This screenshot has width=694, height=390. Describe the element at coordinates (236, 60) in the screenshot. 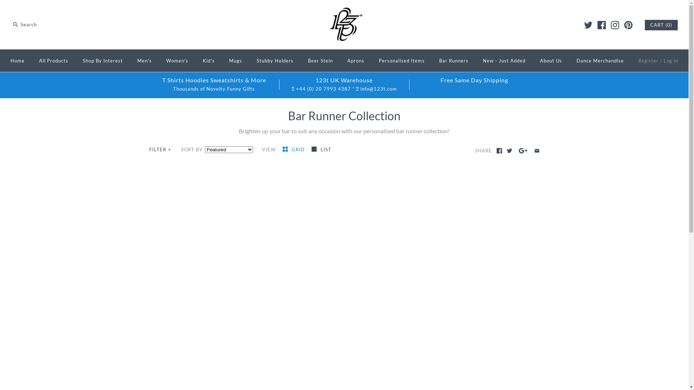

I see `'Mugs'` at that location.